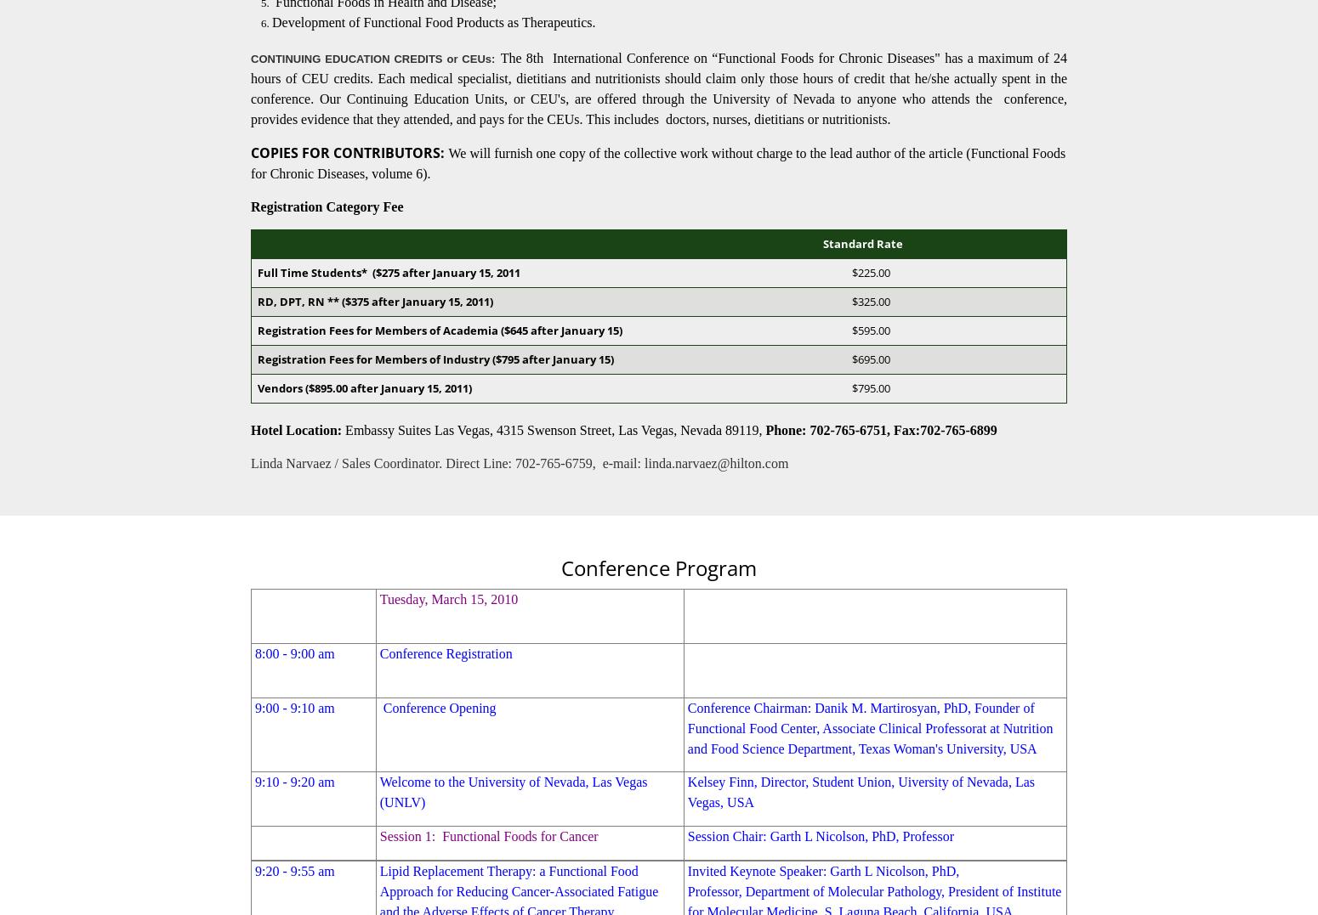  What do you see at coordinates (293, 652) in the screenshot?
I see `'8:00 - 9:00 am'` at bounding box center [293, 652].